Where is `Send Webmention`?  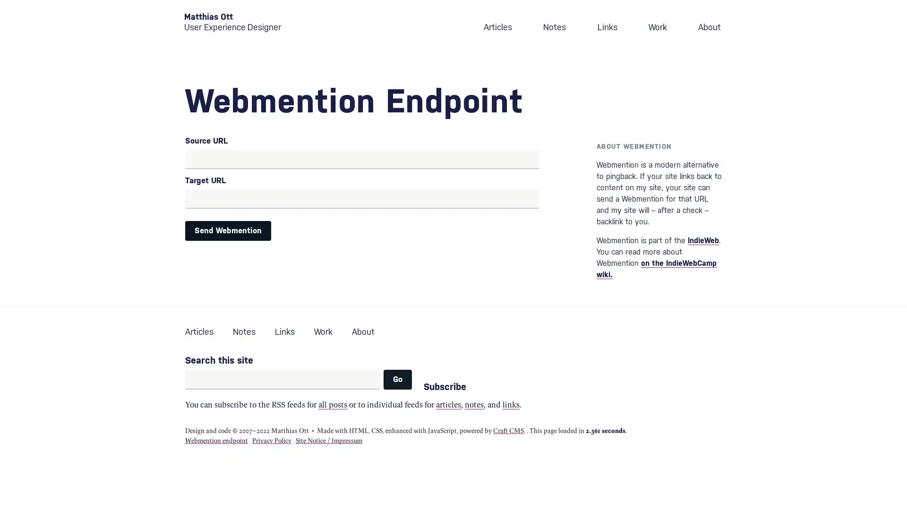
Send Webmention is located at coordinates (228, 231).